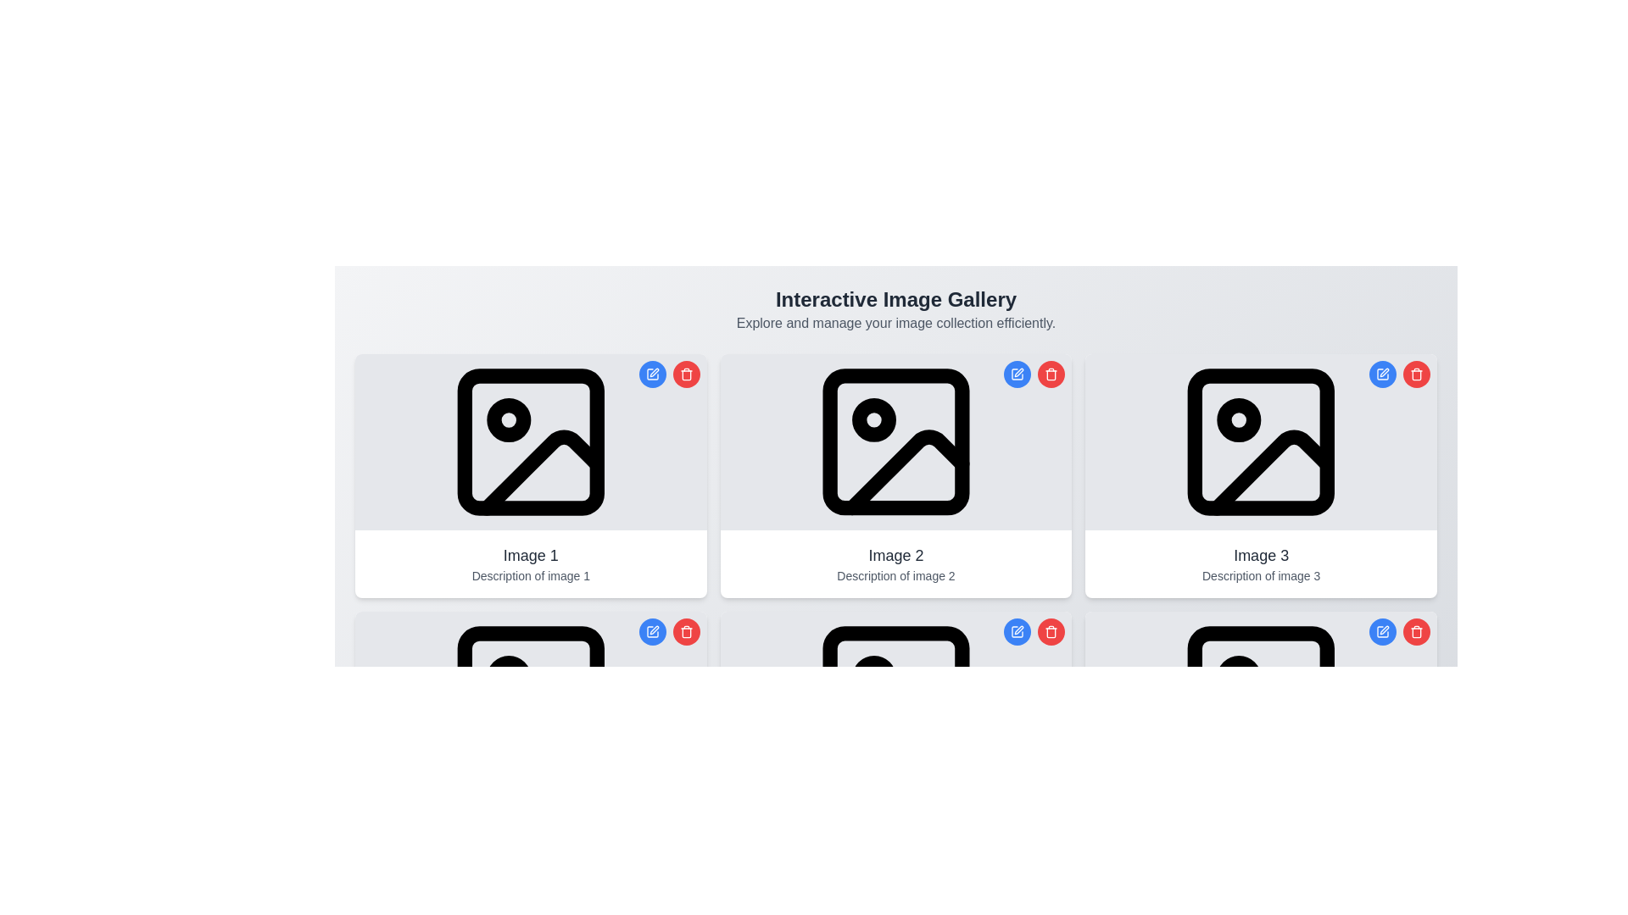 This screenshot has width=1628, height=915. What do you see at coordinates (895, 441) in the screenshot?
I see `the decorative rectangle that is part of the graphical image placeholder for the second image in the gallery, located near the top-left corner of the placeholder` at bounding box center [895, 441].